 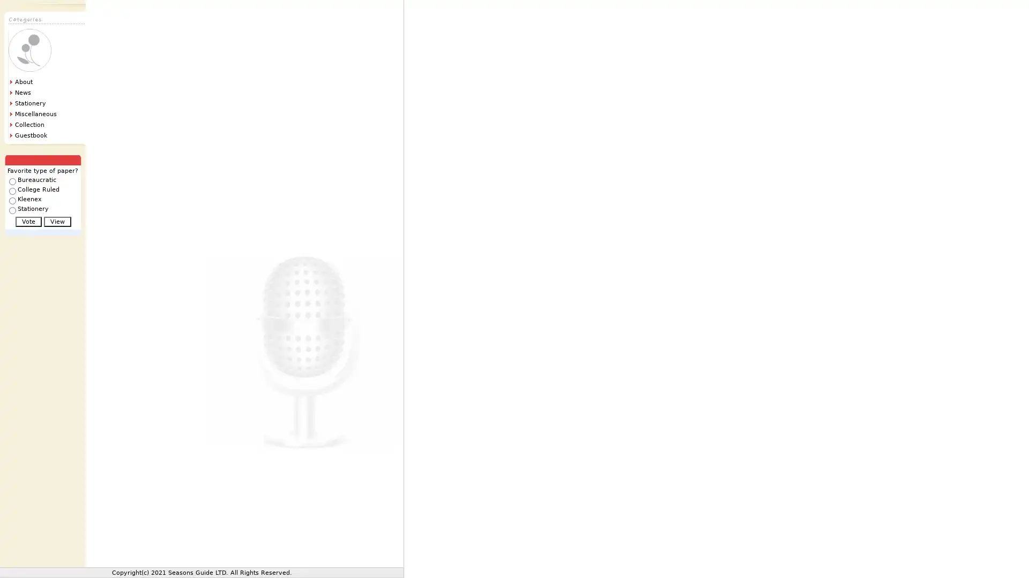 What do you see at coordinates (28, 221) in the screenshot?
I see `Vote` at bounding box center [28, 221].